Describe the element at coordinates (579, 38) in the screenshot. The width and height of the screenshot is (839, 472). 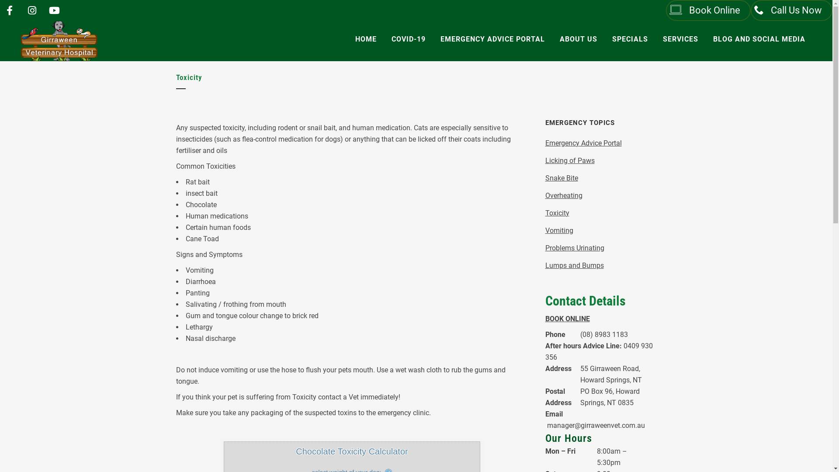
I see `'ABOUT US'` at that location.